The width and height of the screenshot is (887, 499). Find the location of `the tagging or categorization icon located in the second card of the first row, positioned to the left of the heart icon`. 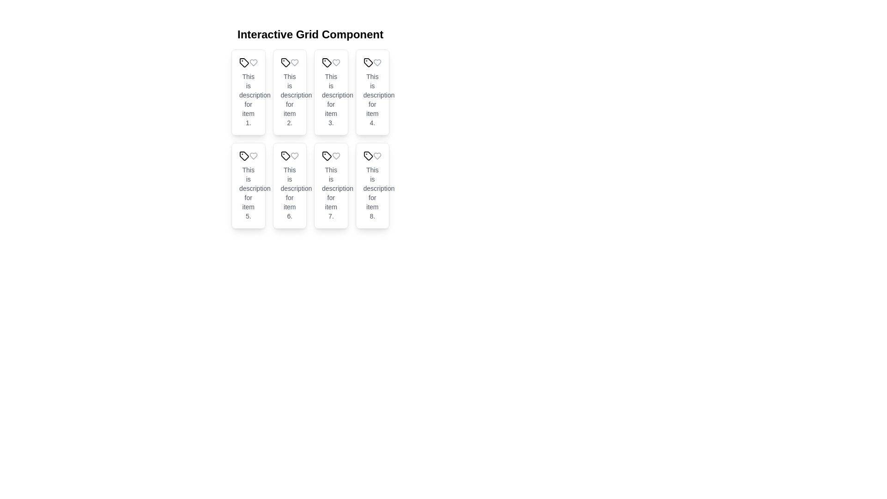

the tagging or categorization icon located in the second card of the first row, positioned to the left of the heart icon is located at coordinates (285, 62).